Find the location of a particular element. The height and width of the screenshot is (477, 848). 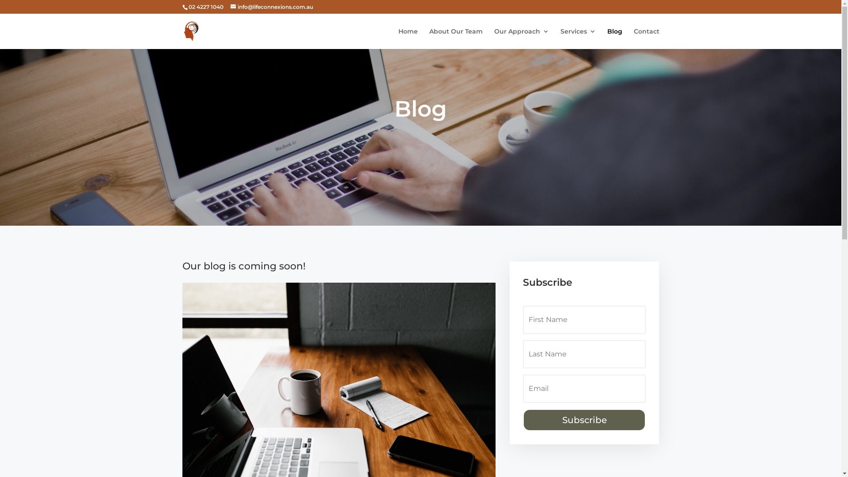

'Contact' is located at coordinates (646, 38).